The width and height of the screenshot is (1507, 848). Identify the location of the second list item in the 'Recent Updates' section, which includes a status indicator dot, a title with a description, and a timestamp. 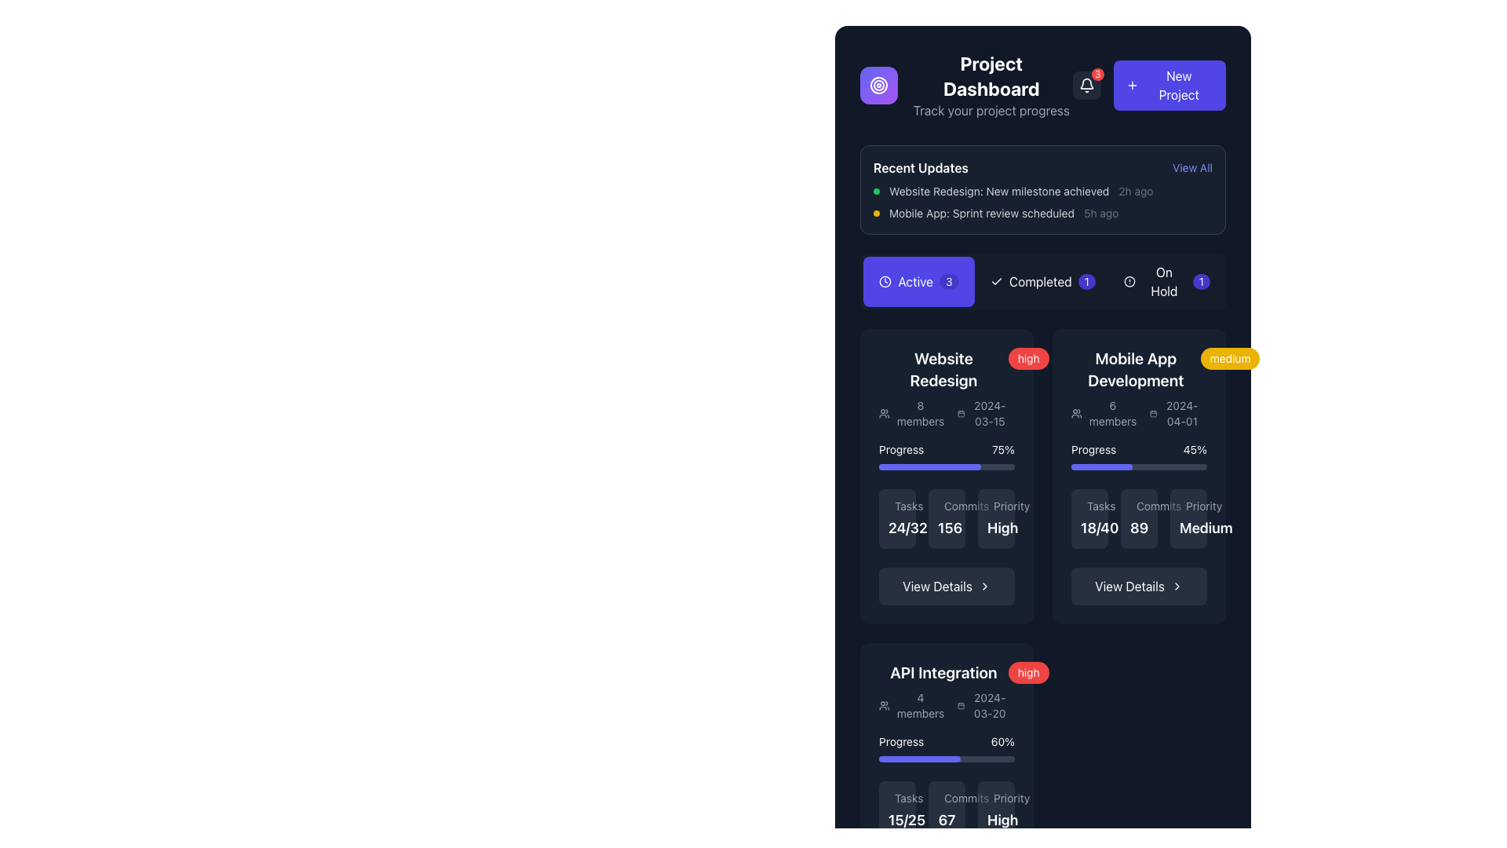
(1043, 202).